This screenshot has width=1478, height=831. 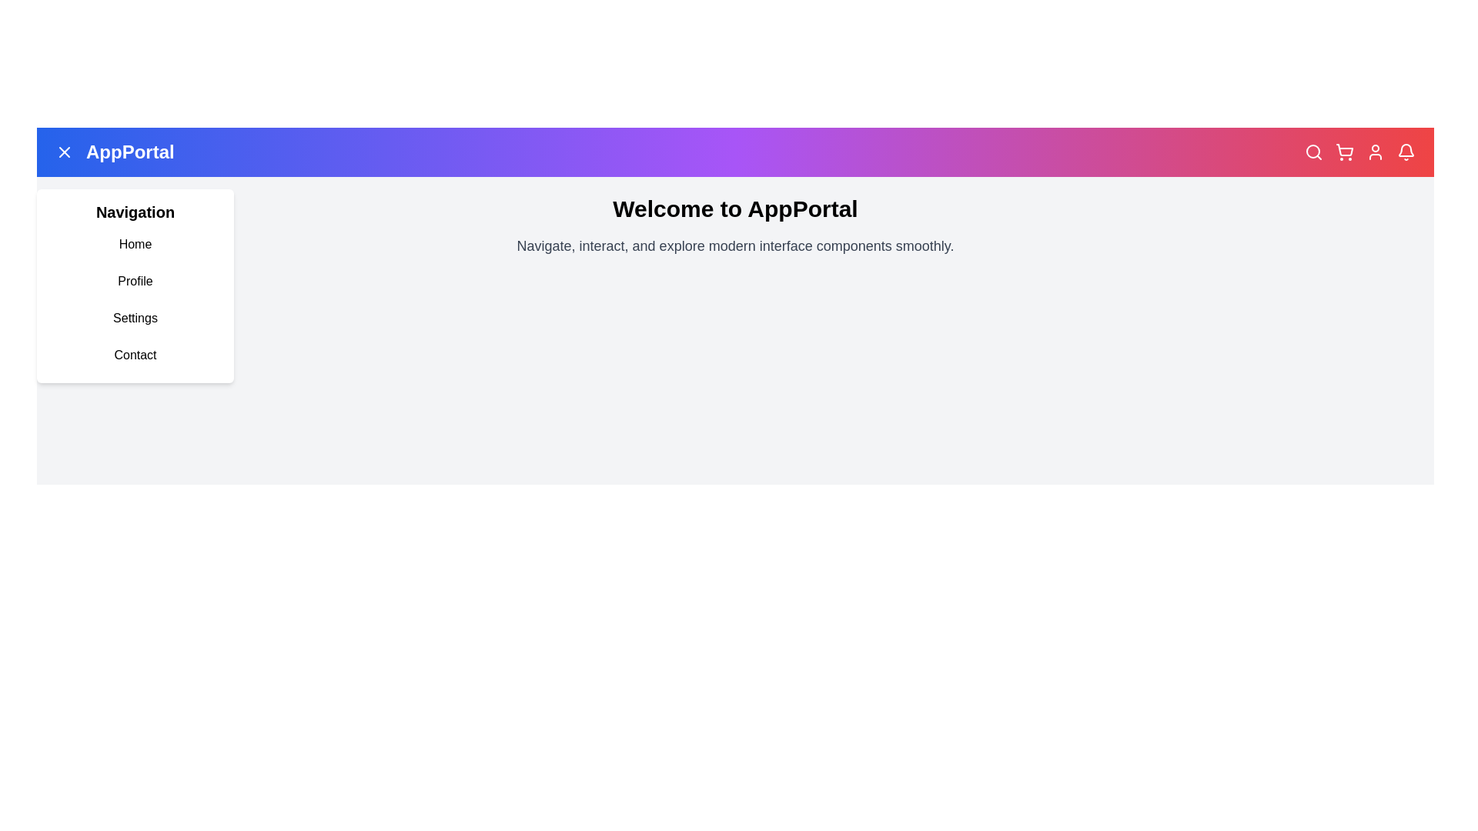 I want to click on the 'Home' text label, which is the first item in the vertical navigation menu displayed in bold sans-serif font inside a white rectangular section on the upper left of the interface to trigger a visual effect, so click(x=135, y=243).